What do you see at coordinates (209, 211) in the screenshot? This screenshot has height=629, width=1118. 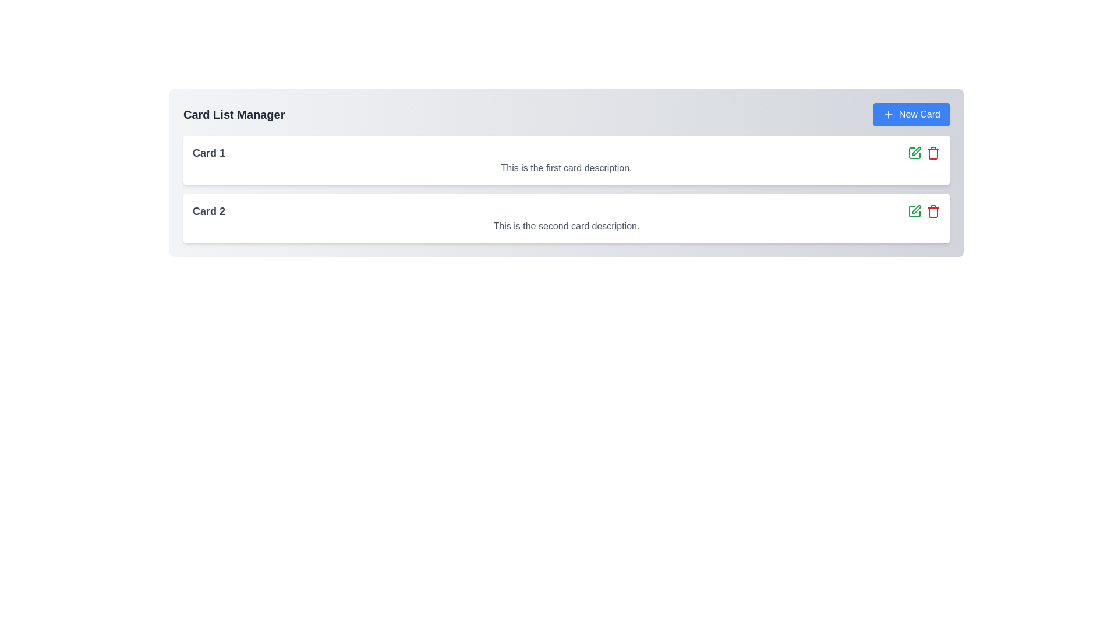 I see `text of the 'Card 2' label, which is a bold, large dark gray text on a white background, located in the second card entry from the top` at bounding box center [209, 211].